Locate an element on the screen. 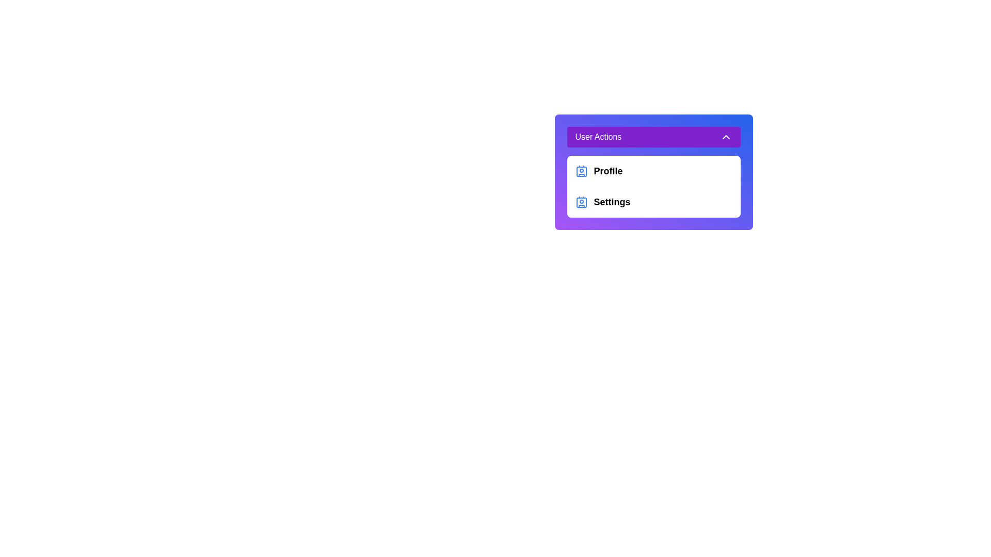 This screenshot has width=991, height=557. the 'Settings' menu item located in the dropdown menu labeled 'User Actions', which is the second list item aligned horizontally to the right of a blue contact card icon is located at coordinates (612, 202).